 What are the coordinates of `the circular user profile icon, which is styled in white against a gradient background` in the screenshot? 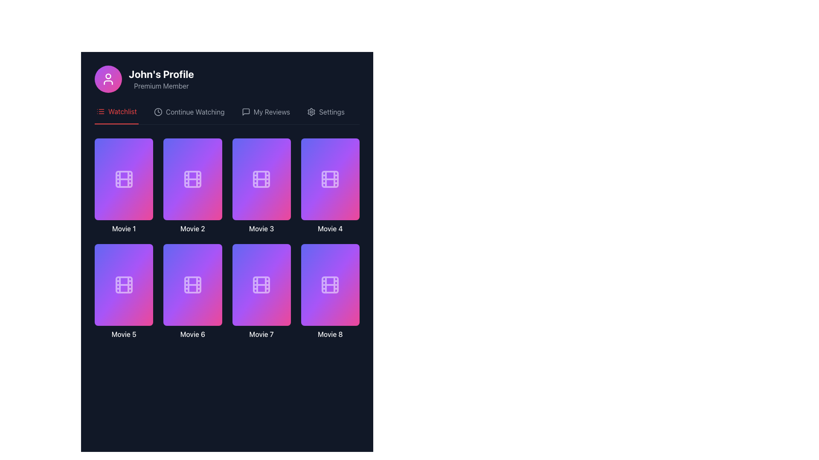 It's located at (108, 79).